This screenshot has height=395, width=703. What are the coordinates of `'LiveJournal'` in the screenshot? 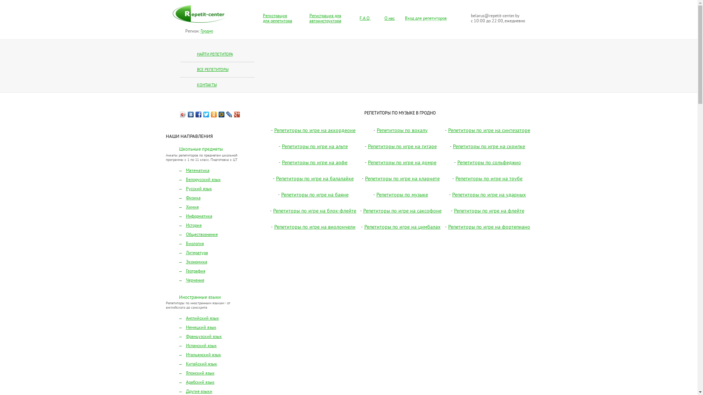 It's located at (225, 114).